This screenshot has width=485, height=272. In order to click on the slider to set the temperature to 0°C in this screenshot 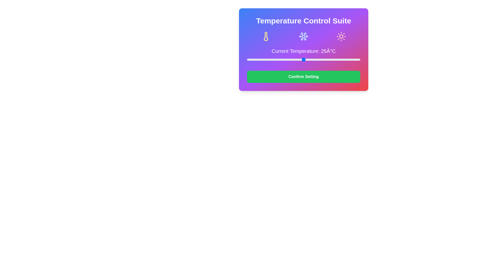, I will do `click(247, 59)`.